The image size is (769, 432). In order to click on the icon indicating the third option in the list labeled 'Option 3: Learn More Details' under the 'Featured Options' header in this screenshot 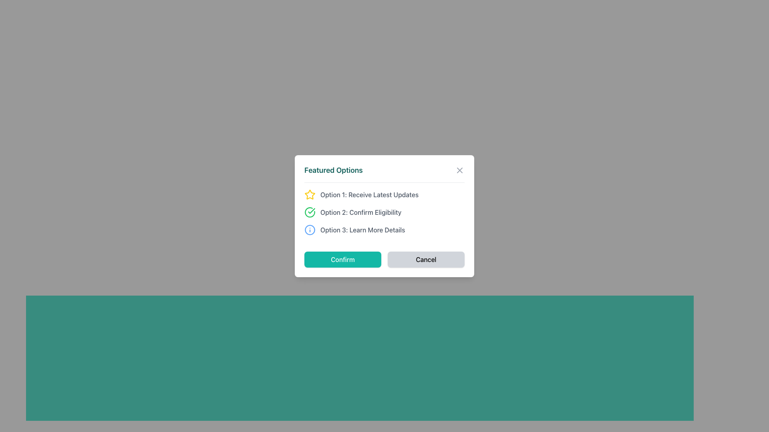, I will do `click(309, 230)`.